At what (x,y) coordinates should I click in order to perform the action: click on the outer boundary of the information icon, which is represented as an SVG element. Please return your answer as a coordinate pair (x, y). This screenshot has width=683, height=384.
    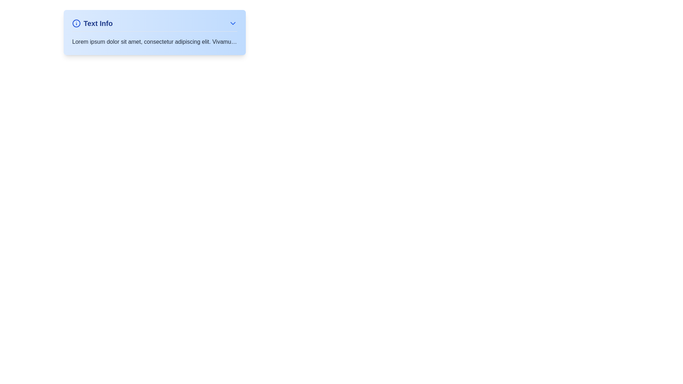
    Looking at the image, I should click on (76, 23).